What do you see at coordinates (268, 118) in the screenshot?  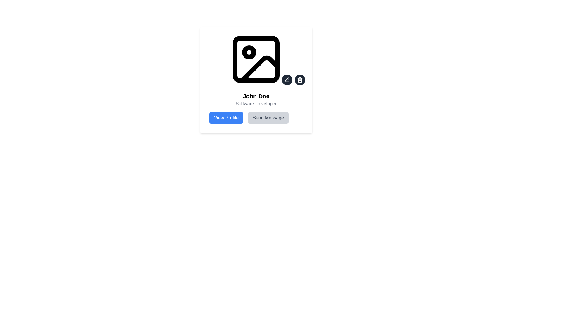 I see `the 'Send Message' button, which is a rectangular button with a light gray background and rounded corners, located below the 'John Doe' profile section and to the right of the 'View Profile' button` at bounding box center [268, 118].